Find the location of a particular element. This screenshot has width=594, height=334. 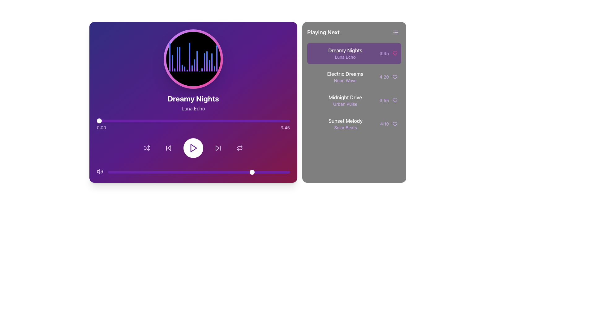

the seventeenth bar in the bar chart component that visualizes data values or audio frequencies, located on the left side beneath a circular visualizer is located at coordinates (209, 65).